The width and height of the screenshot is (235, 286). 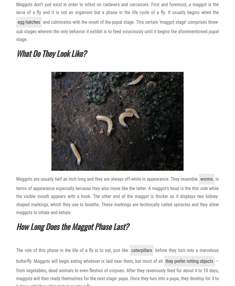 I want to click on 'before they turn into a marvelous butterfly. Maggots will begin eating whatever is laid near them, but most of all', so click(x=16, y=255).